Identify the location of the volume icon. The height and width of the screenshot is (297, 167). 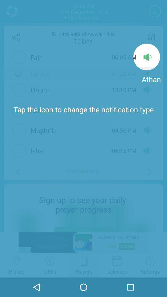
(146, 57).